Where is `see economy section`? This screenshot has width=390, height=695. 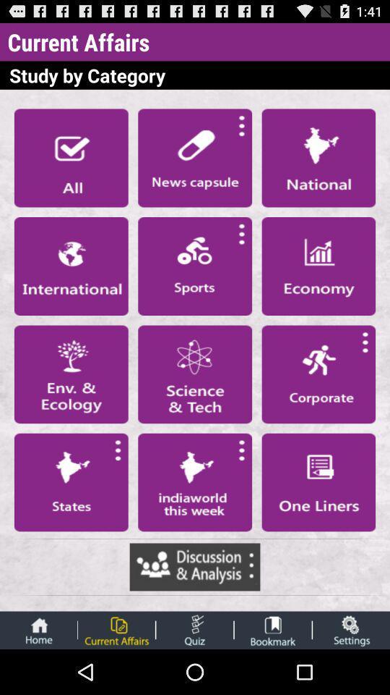 see economy section is located at coordinates (318, 265).